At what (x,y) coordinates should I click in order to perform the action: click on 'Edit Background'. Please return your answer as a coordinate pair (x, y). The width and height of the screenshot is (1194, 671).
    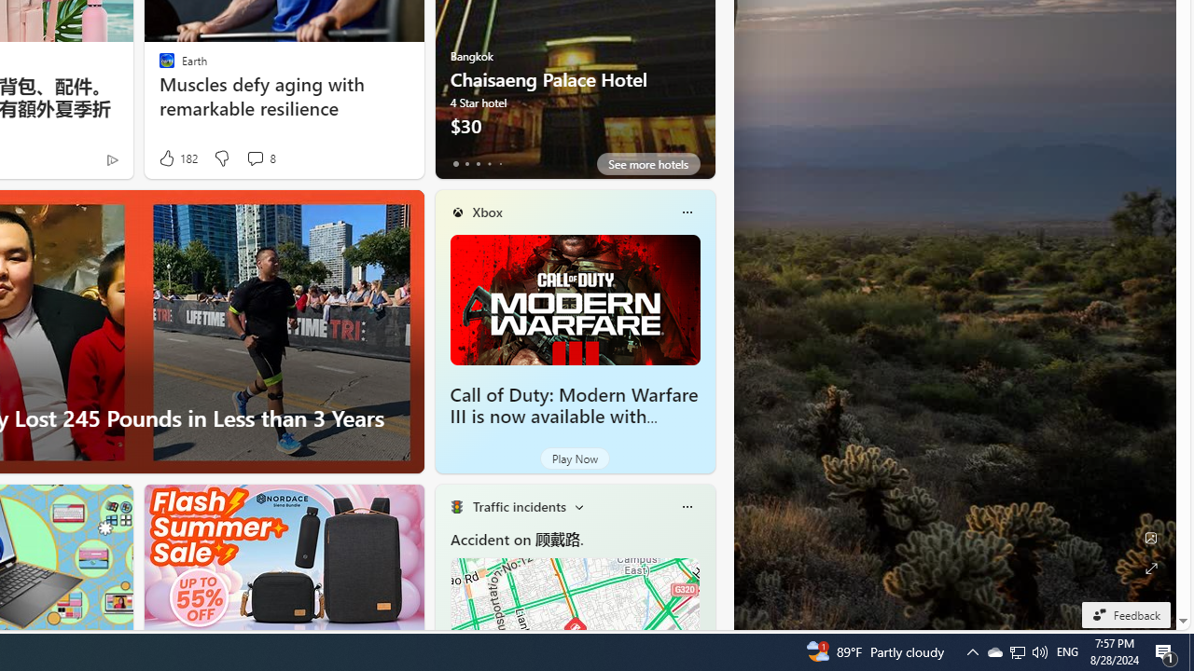
    Looking at the image, I should click on (1149, 538).